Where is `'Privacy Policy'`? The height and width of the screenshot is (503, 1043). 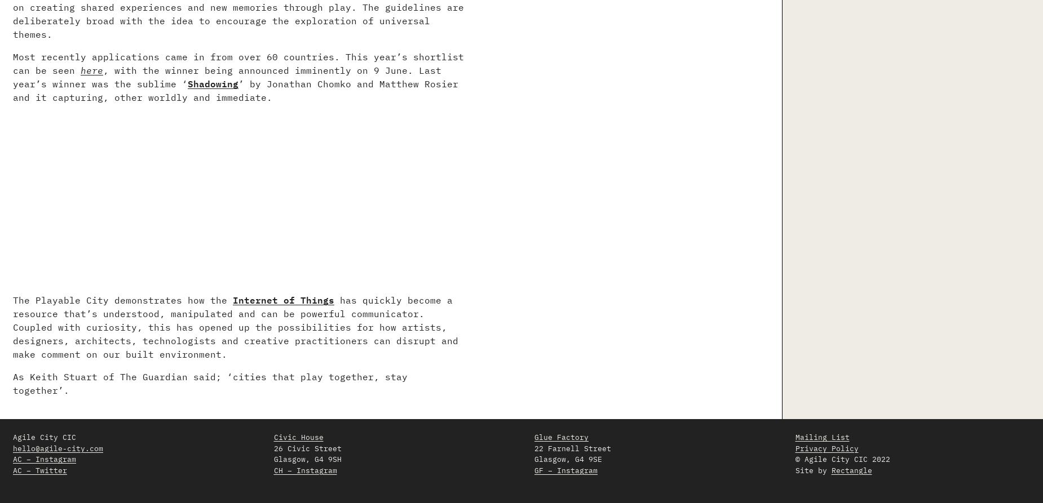
'Privacy Policy' is located at coordinates (826, 447).